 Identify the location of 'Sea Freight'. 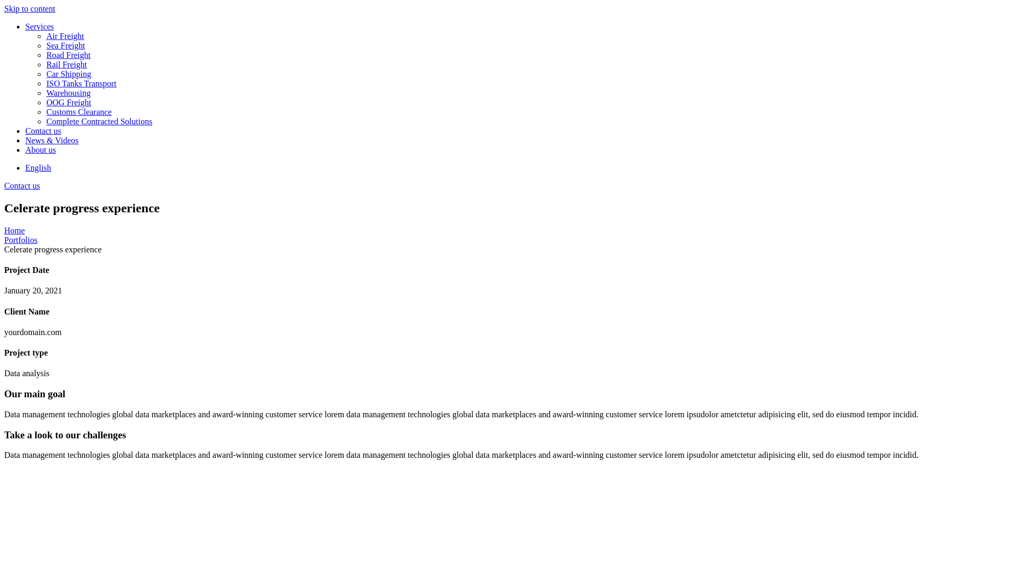
(527, 45).